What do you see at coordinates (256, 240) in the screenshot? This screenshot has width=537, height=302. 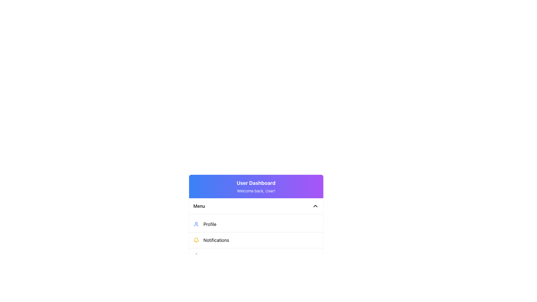 I see `the second menu item in the vertical list, which provides access to the Notifications page` at bounding box center [256, 240].